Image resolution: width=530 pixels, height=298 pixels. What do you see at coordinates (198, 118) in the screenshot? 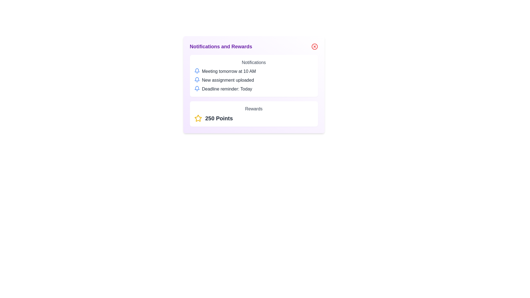
I see `the star icon representing an achievement or reward, located in the center-right of the rewards section, next to the '250 Points' label` at bounding box center [198, 118].